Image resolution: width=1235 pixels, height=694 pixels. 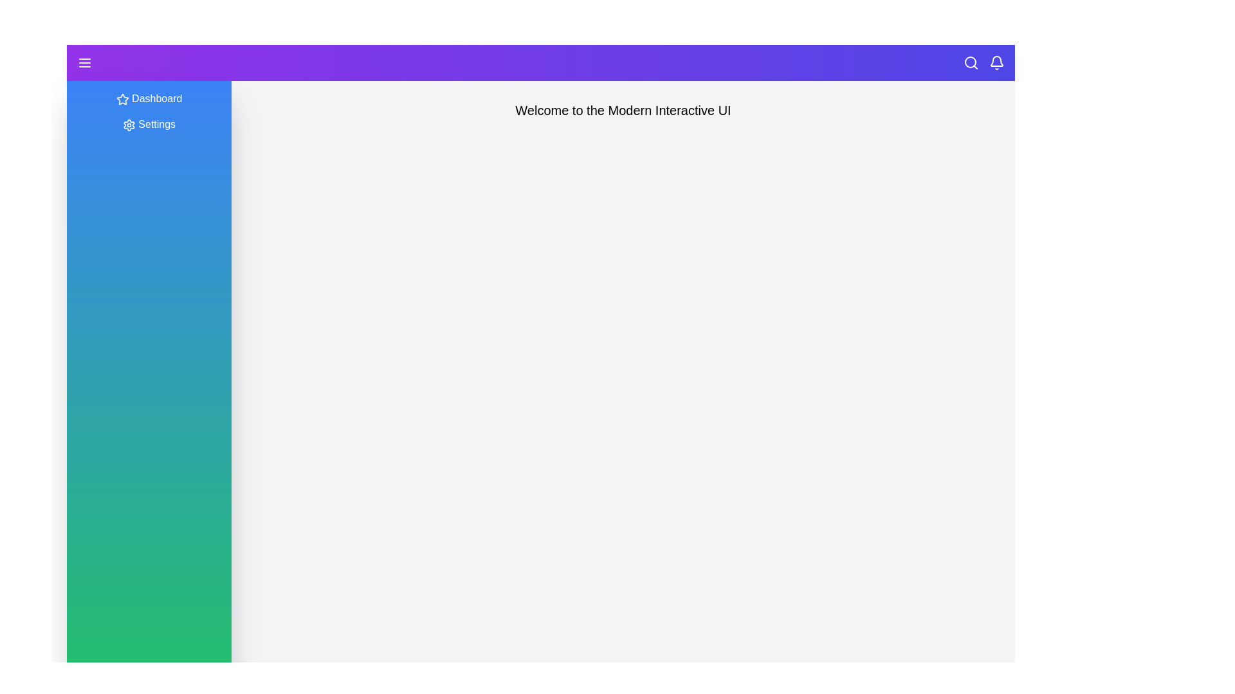 I want to click on the 'Dashboard' item in the sidebar, so click(x=149, y=98).